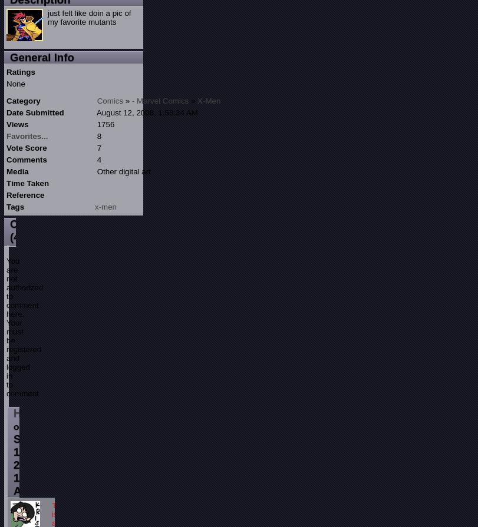 The image size is (478, 527). Describe the element at coordinates (89, 17) in the screenshot. I see `'just felt like doin a pic of my favorite mutants'` at that location.